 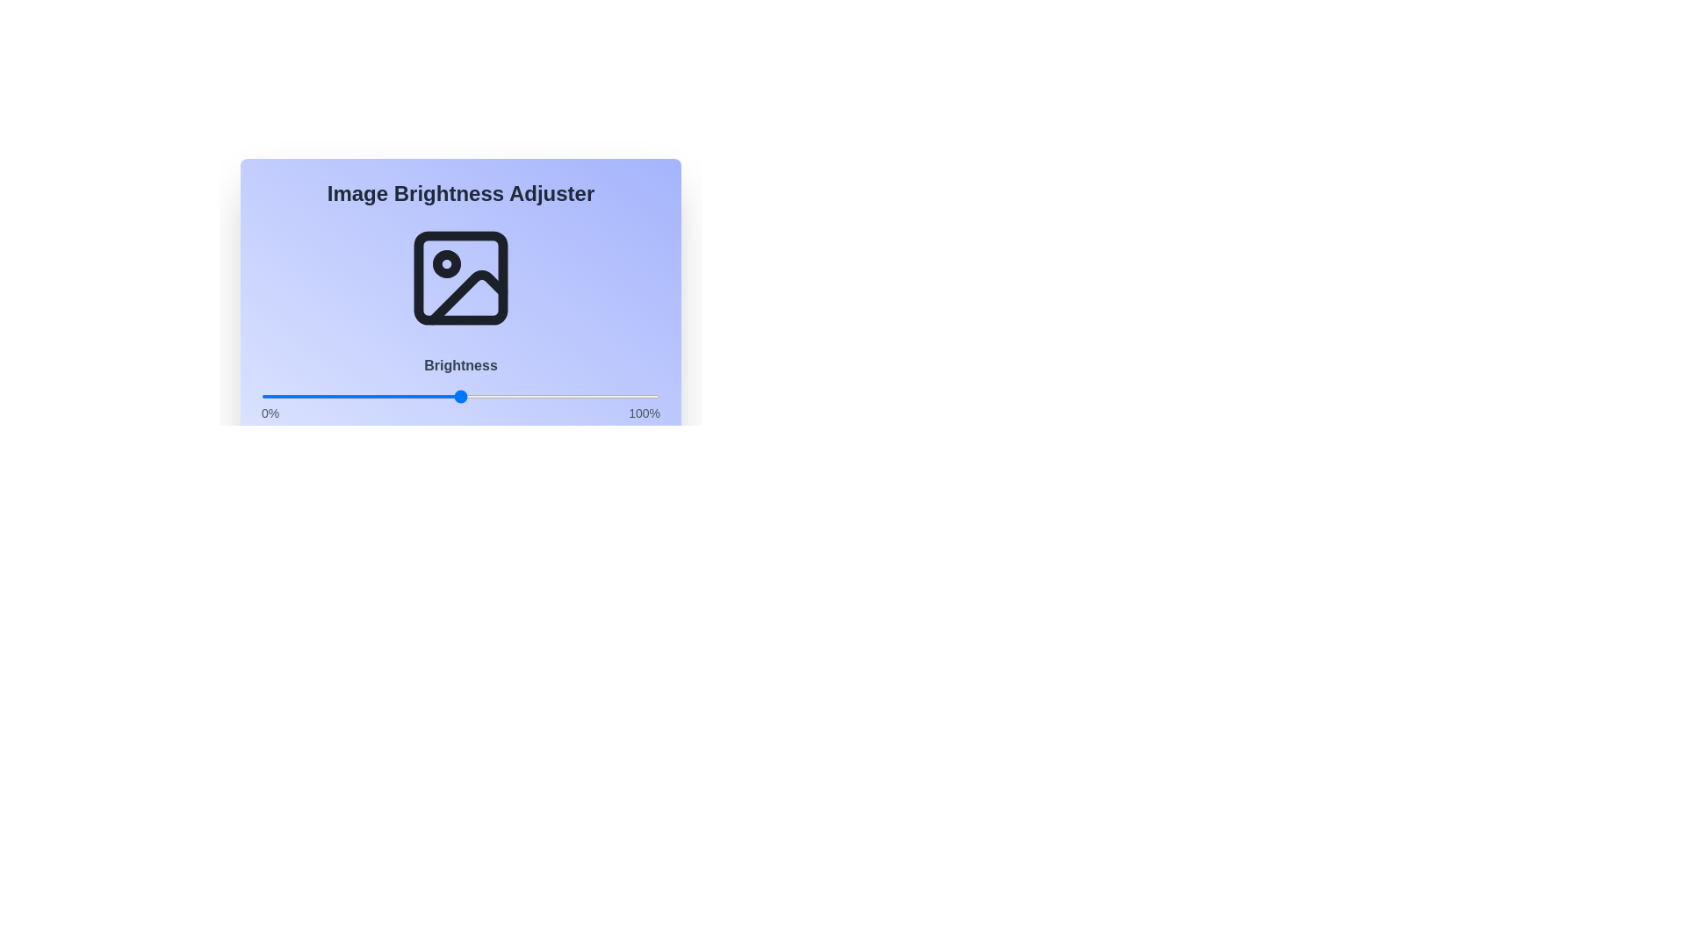 I want to click on the brightness slider to 54%, so click(x=477, y=396).